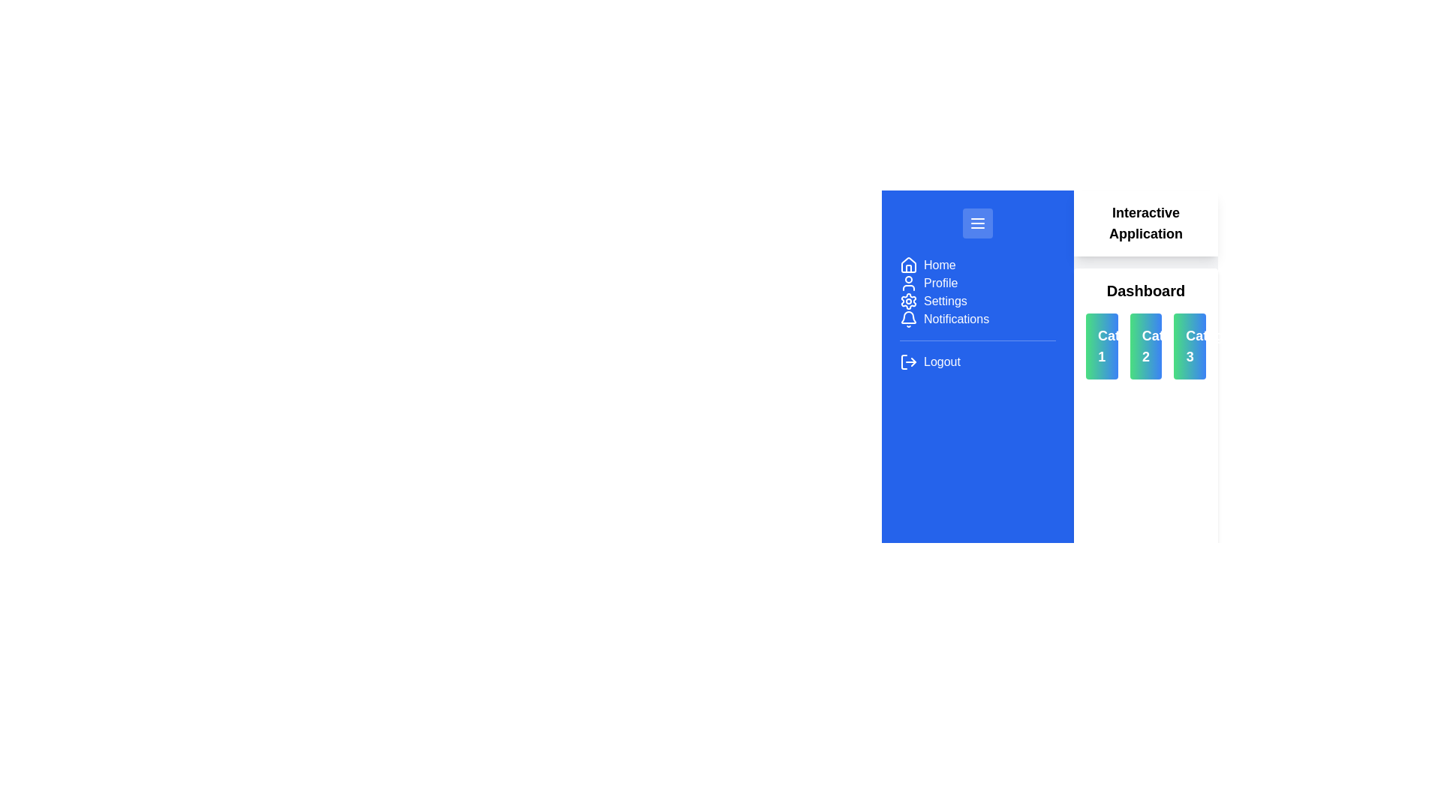  Describe the element at coordinates (977, 312) in the screenshot. I see `the 'Notifications' menu item, which is located fourth from the top in the vertical menu list, directly below 'Settings' and above 'Logout'` at that location.